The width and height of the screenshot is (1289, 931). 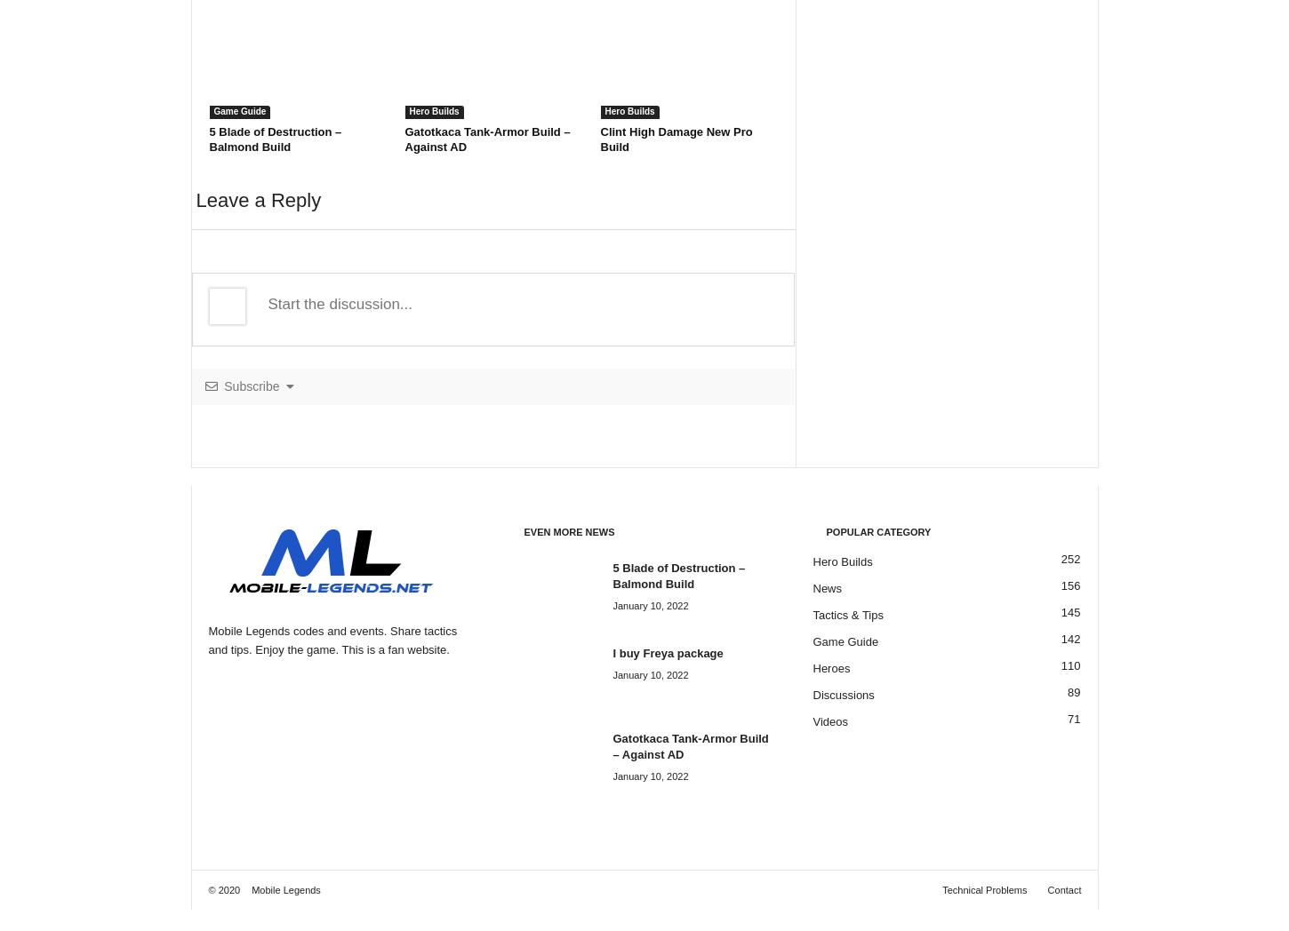 What do you see at coordinates (829, 720) in the screenshot?
I see `'Videos'` at bounding box center [829, 720].